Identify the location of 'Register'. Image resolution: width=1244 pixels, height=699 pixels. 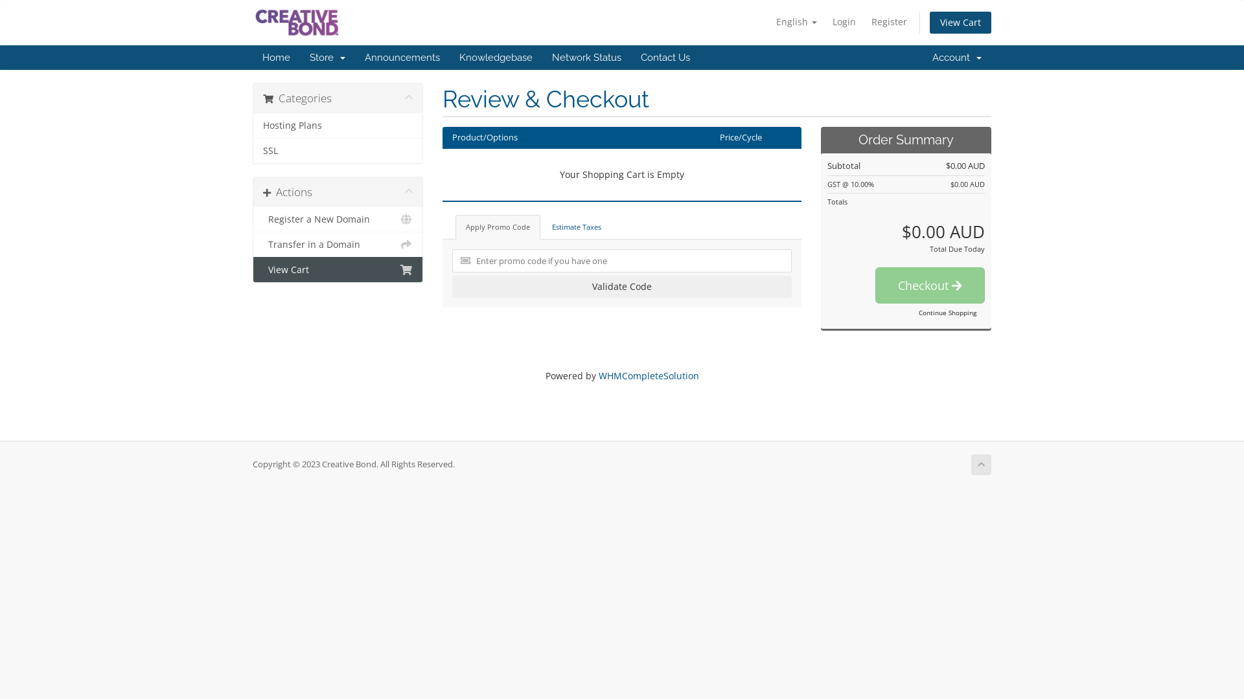
(888, 22).